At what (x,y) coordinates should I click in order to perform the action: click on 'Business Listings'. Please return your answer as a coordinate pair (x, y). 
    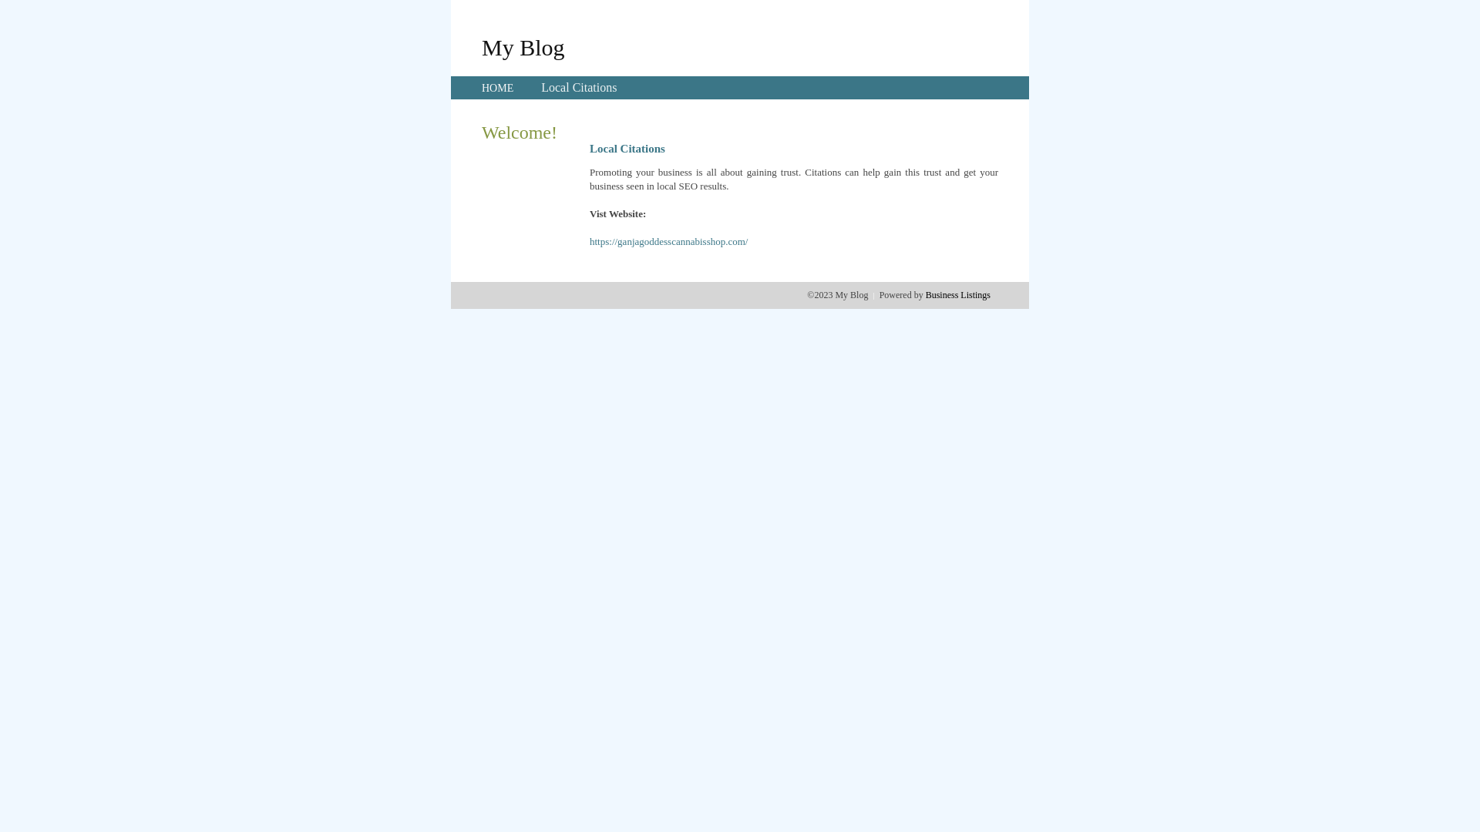
    Looking at the image, I should click on (957, 294).